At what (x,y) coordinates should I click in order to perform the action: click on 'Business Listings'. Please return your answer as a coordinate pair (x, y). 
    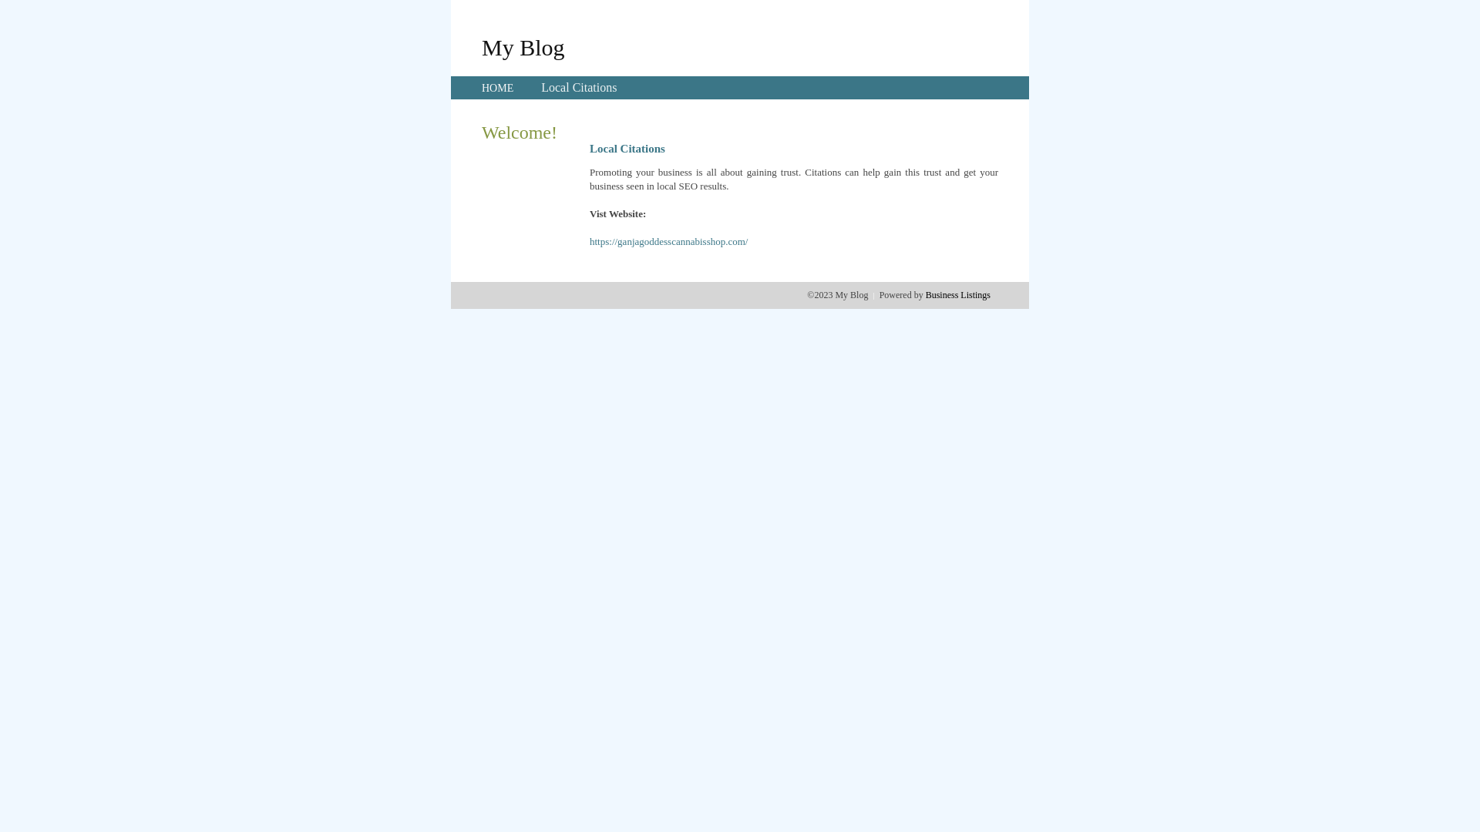
    Looking at the image, I should click on (957, 294).